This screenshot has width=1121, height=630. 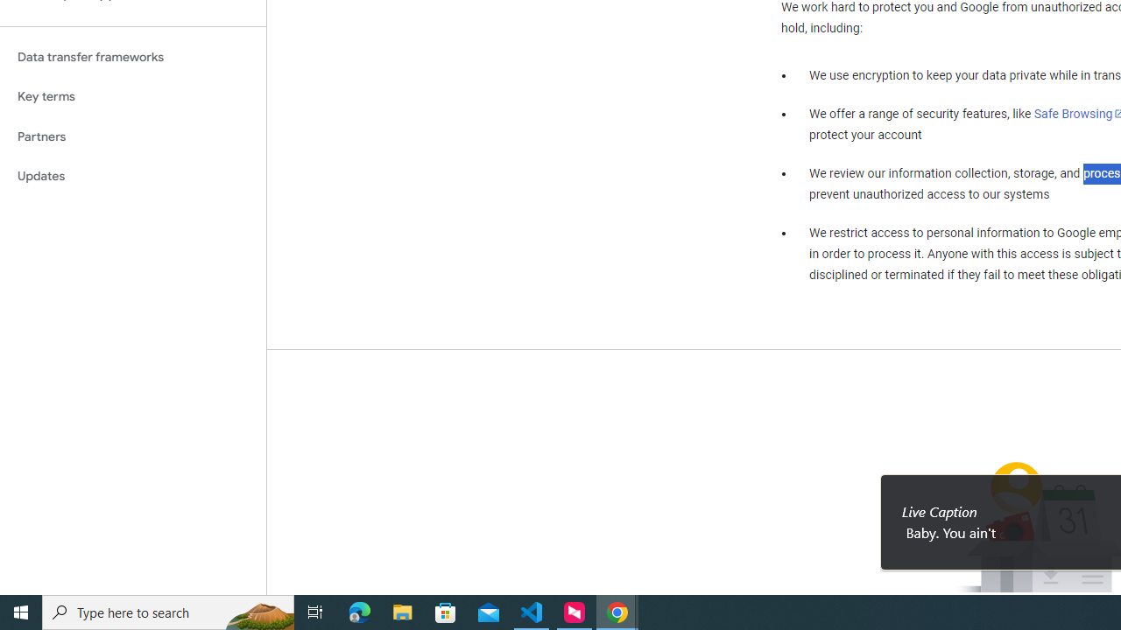 I want to click on 'Data transfer frameworks', so click(x=132, y=56).